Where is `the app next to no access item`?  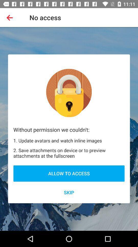 the app next to no access item is located at coordinates (11, 17).